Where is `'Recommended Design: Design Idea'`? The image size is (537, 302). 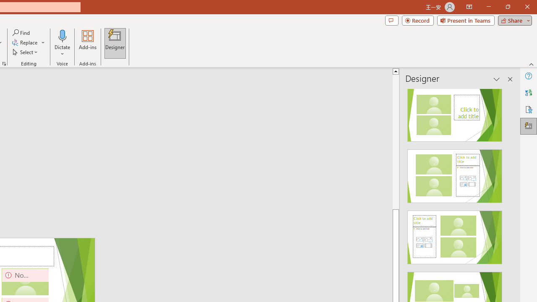
'Recommended Design: Design Idea' is located at coordinates (454, 112).